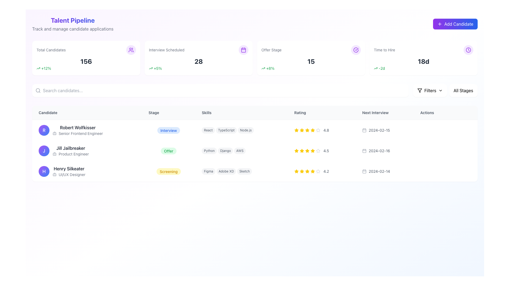 The width and height of the screenshot is (519, 292). I want to click on main header text that describes the candidate pipeline in the recruitment application, located at the top center of the interface above the smaller gray text, so click(72, 20).